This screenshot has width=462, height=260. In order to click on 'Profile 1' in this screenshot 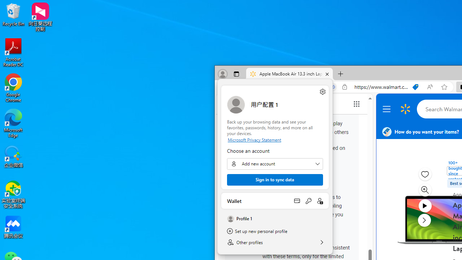, I will do `click(275, 218)`.